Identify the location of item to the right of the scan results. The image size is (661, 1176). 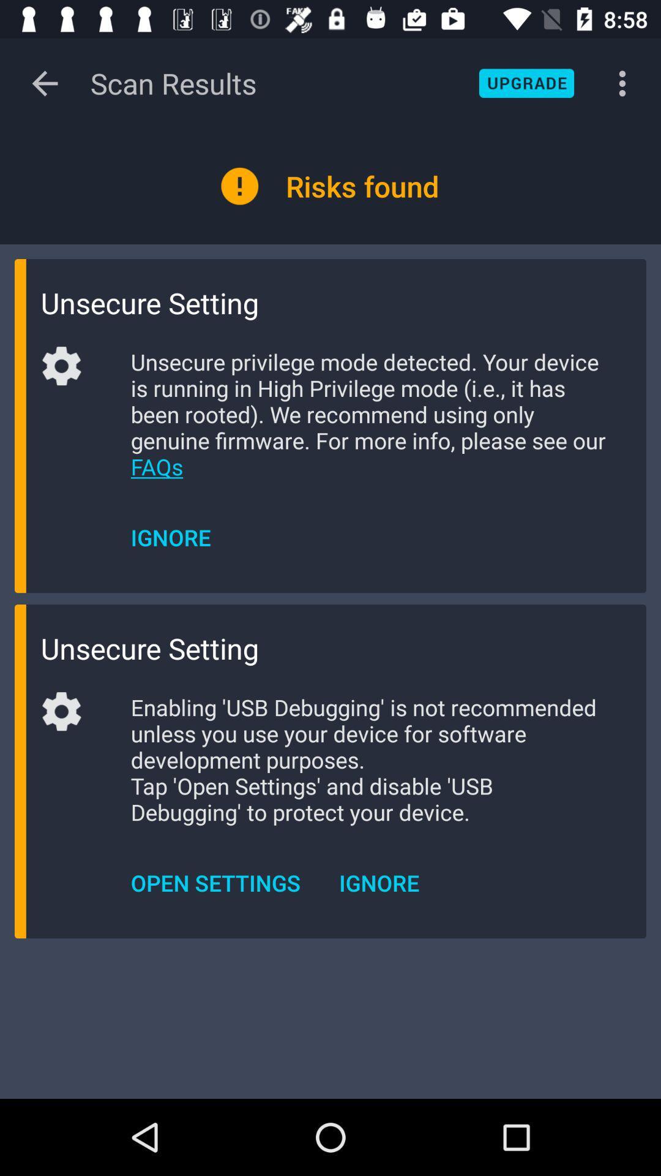
(526, 83).